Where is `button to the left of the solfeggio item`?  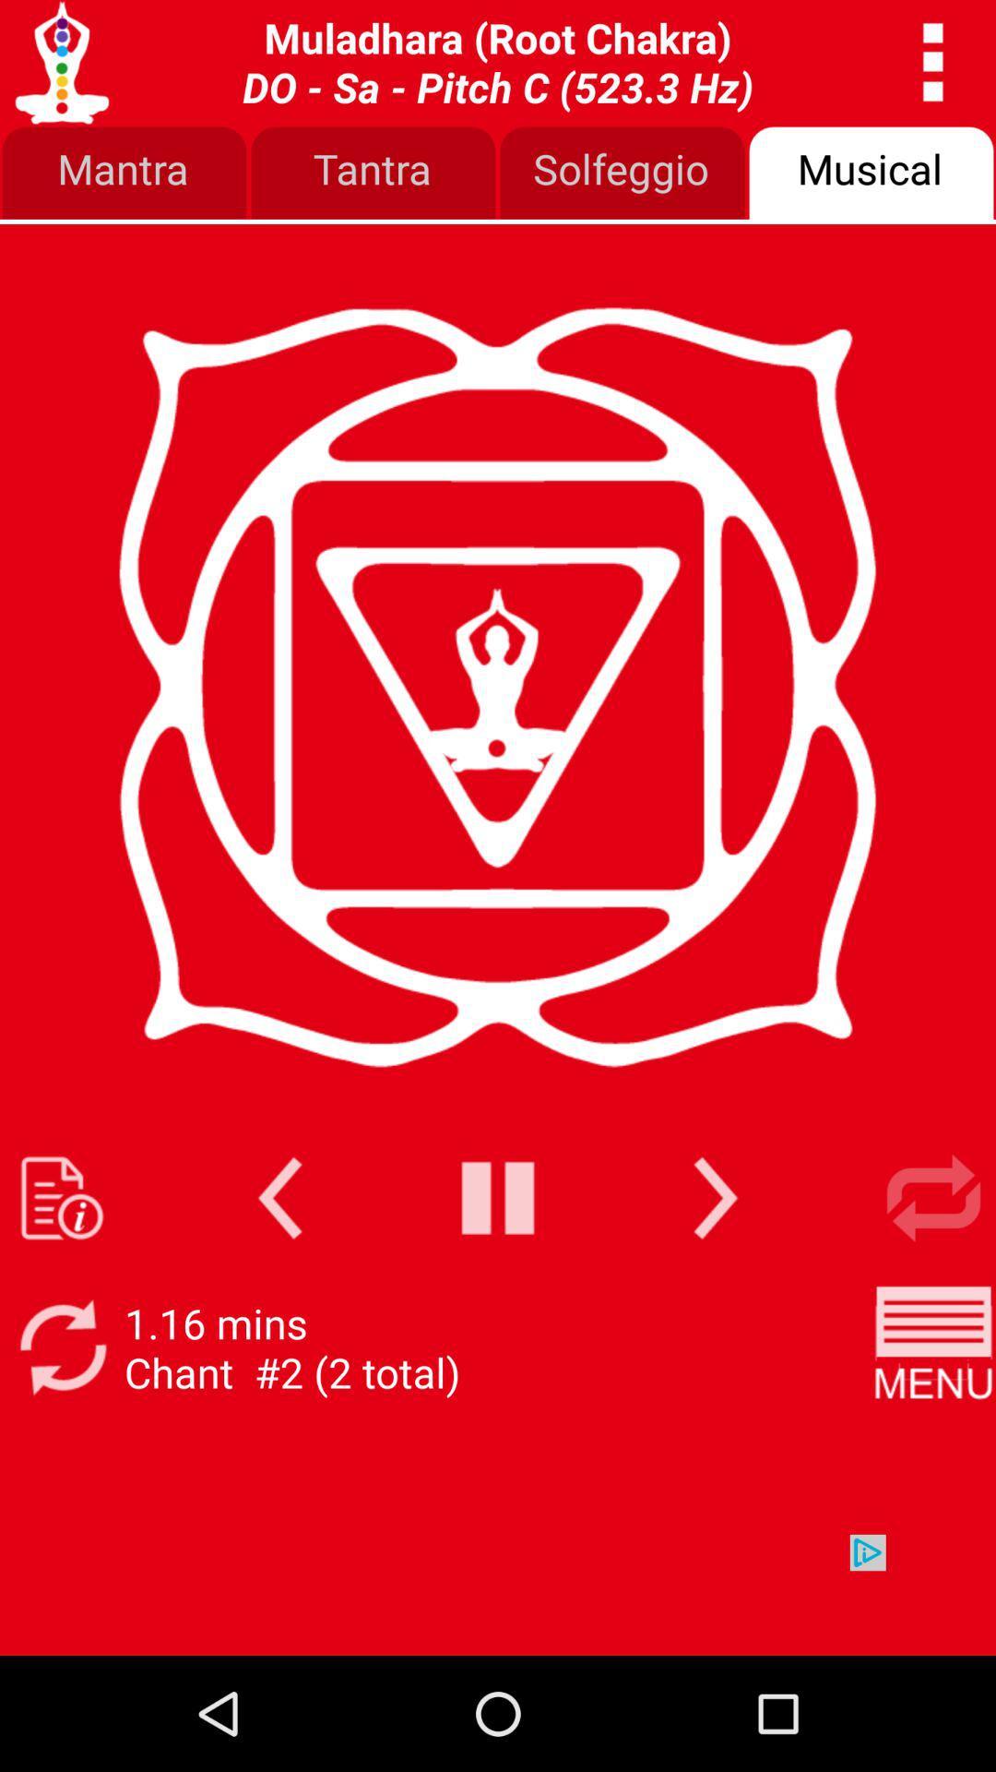 button to the left of the solfeggio item is located at coordinates (373, 174).